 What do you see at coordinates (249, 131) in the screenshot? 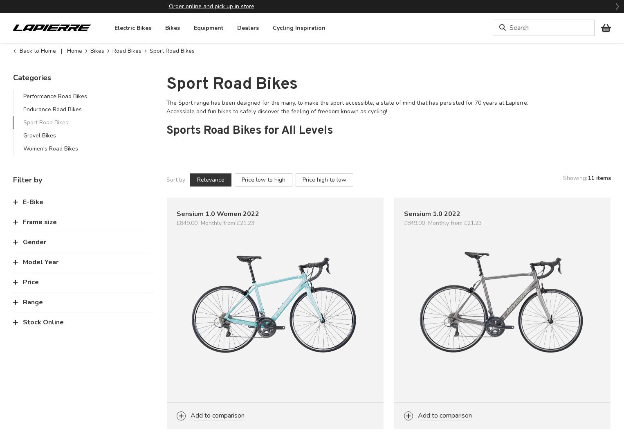
I see `'Sports Road Bikes for All Levels'` at bounding box center [249, 131].